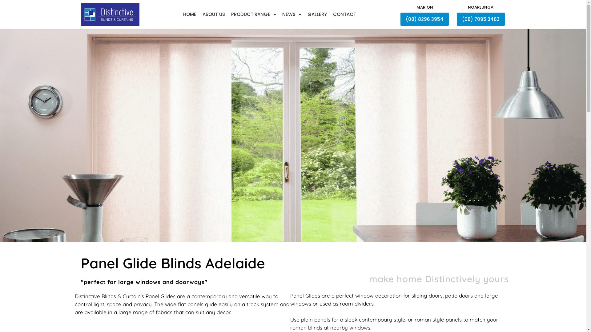 This screenshot has height=332, width=591. I want to click on 'NEWS', so click(279, 14).